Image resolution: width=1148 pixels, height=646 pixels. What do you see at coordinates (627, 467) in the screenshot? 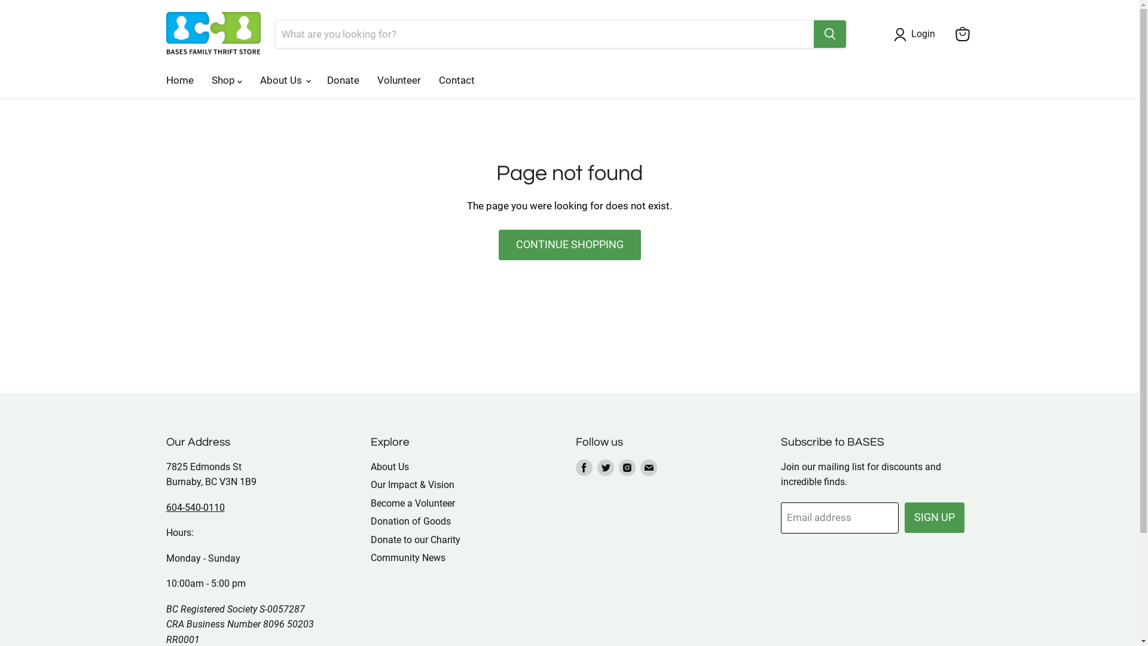
I see `'Find us on Instagram'` at bounding box center [627, 467].